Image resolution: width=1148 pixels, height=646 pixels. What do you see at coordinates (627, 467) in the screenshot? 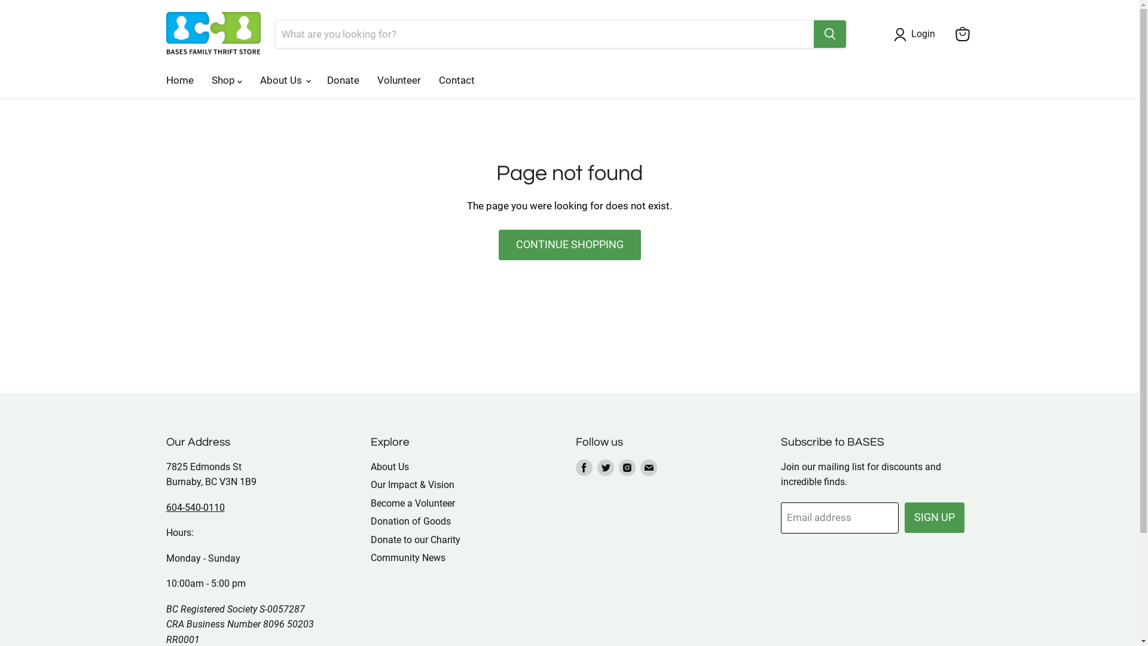
I see `'Find us on Instagram'` at bounding box center [627, 467].